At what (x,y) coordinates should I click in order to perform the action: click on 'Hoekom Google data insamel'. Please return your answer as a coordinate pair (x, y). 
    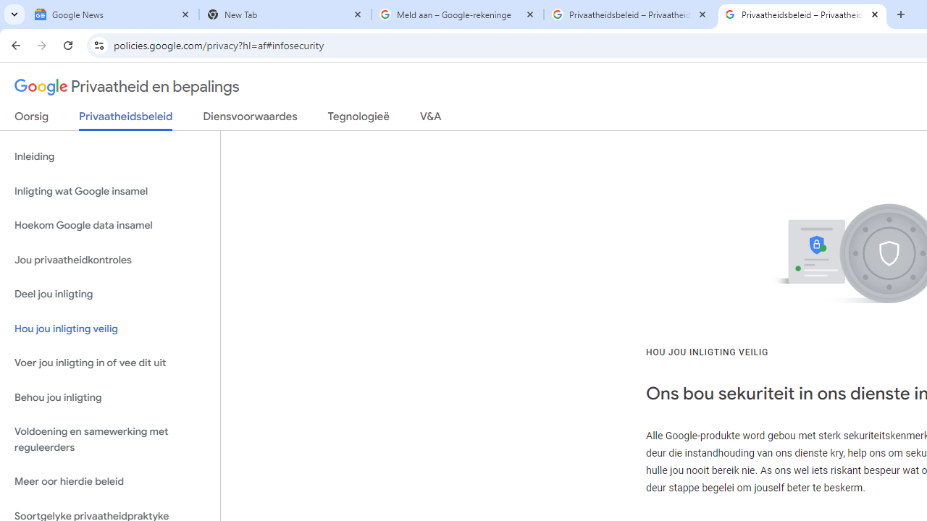
    Looking at the image, I should click on (109, 226).